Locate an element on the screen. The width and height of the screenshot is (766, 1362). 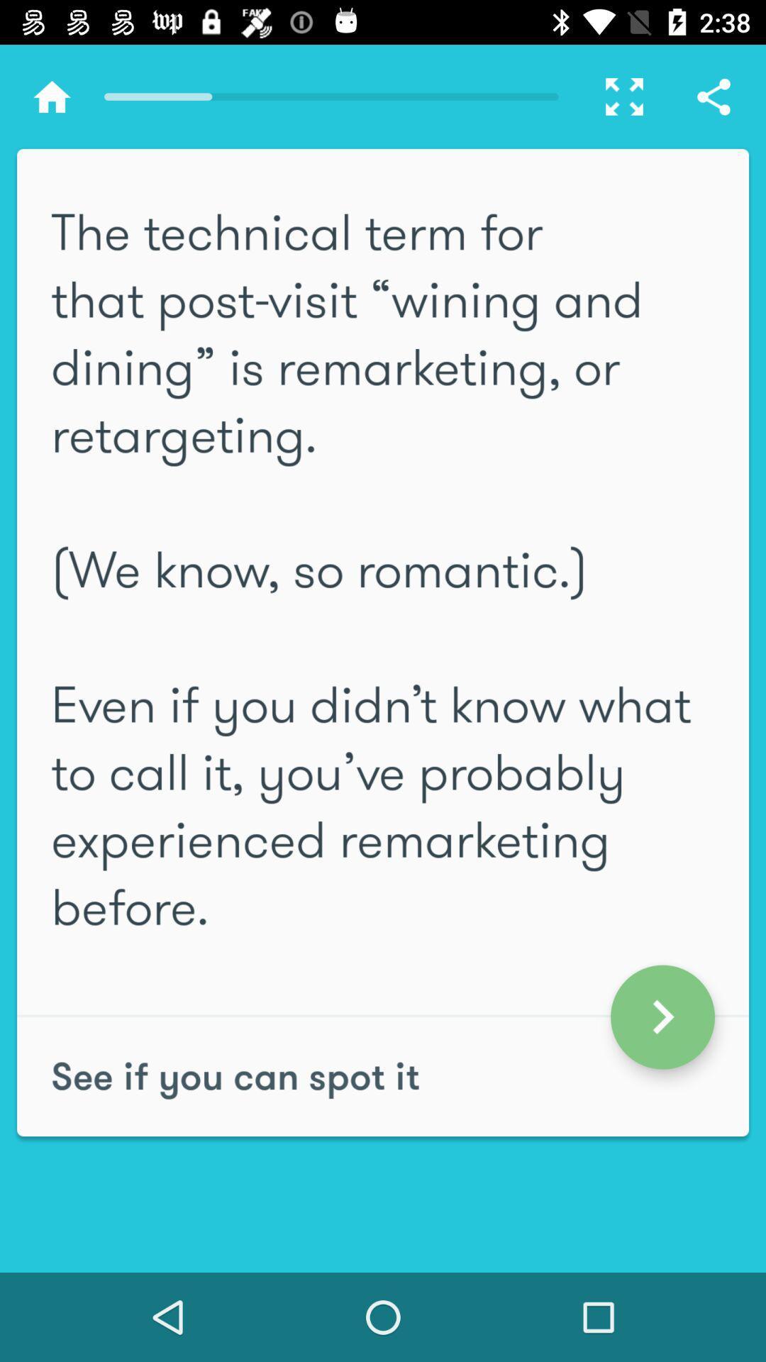
the home icon is located at coordinates (51, 96).